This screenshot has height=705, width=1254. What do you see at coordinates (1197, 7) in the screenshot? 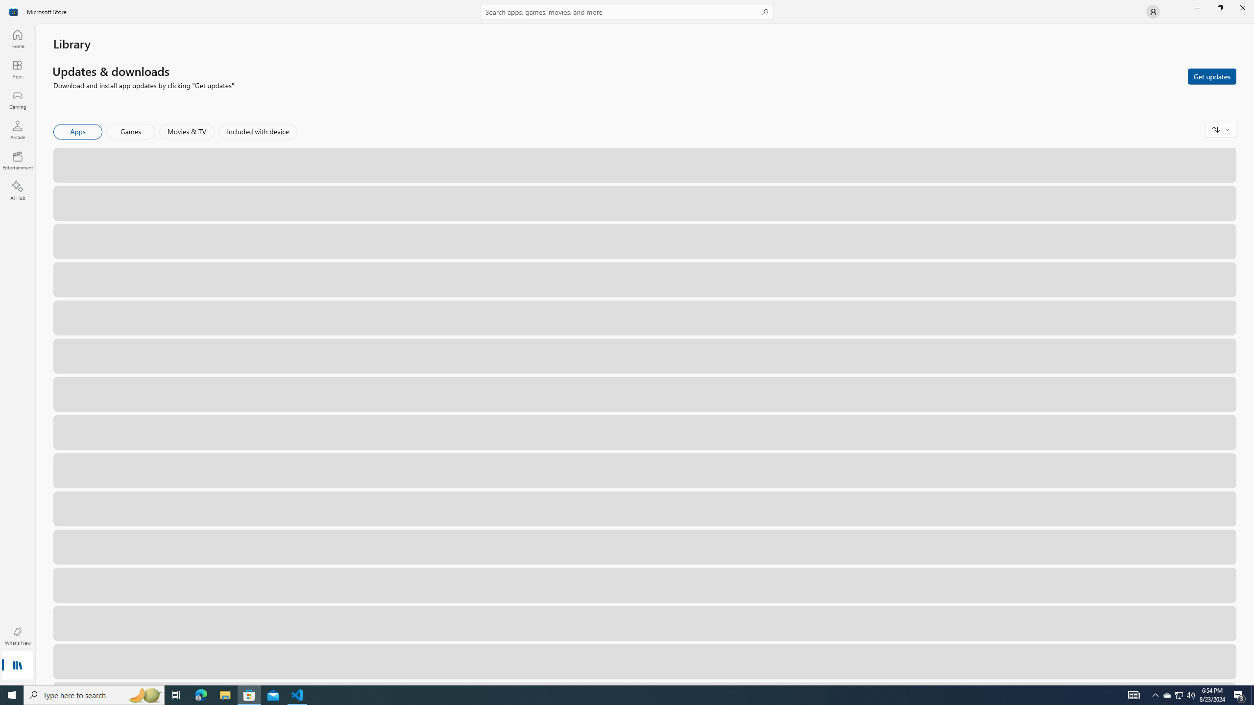
I see `'Minimize Microsoft Store'` at bounding box center [1197, 7].